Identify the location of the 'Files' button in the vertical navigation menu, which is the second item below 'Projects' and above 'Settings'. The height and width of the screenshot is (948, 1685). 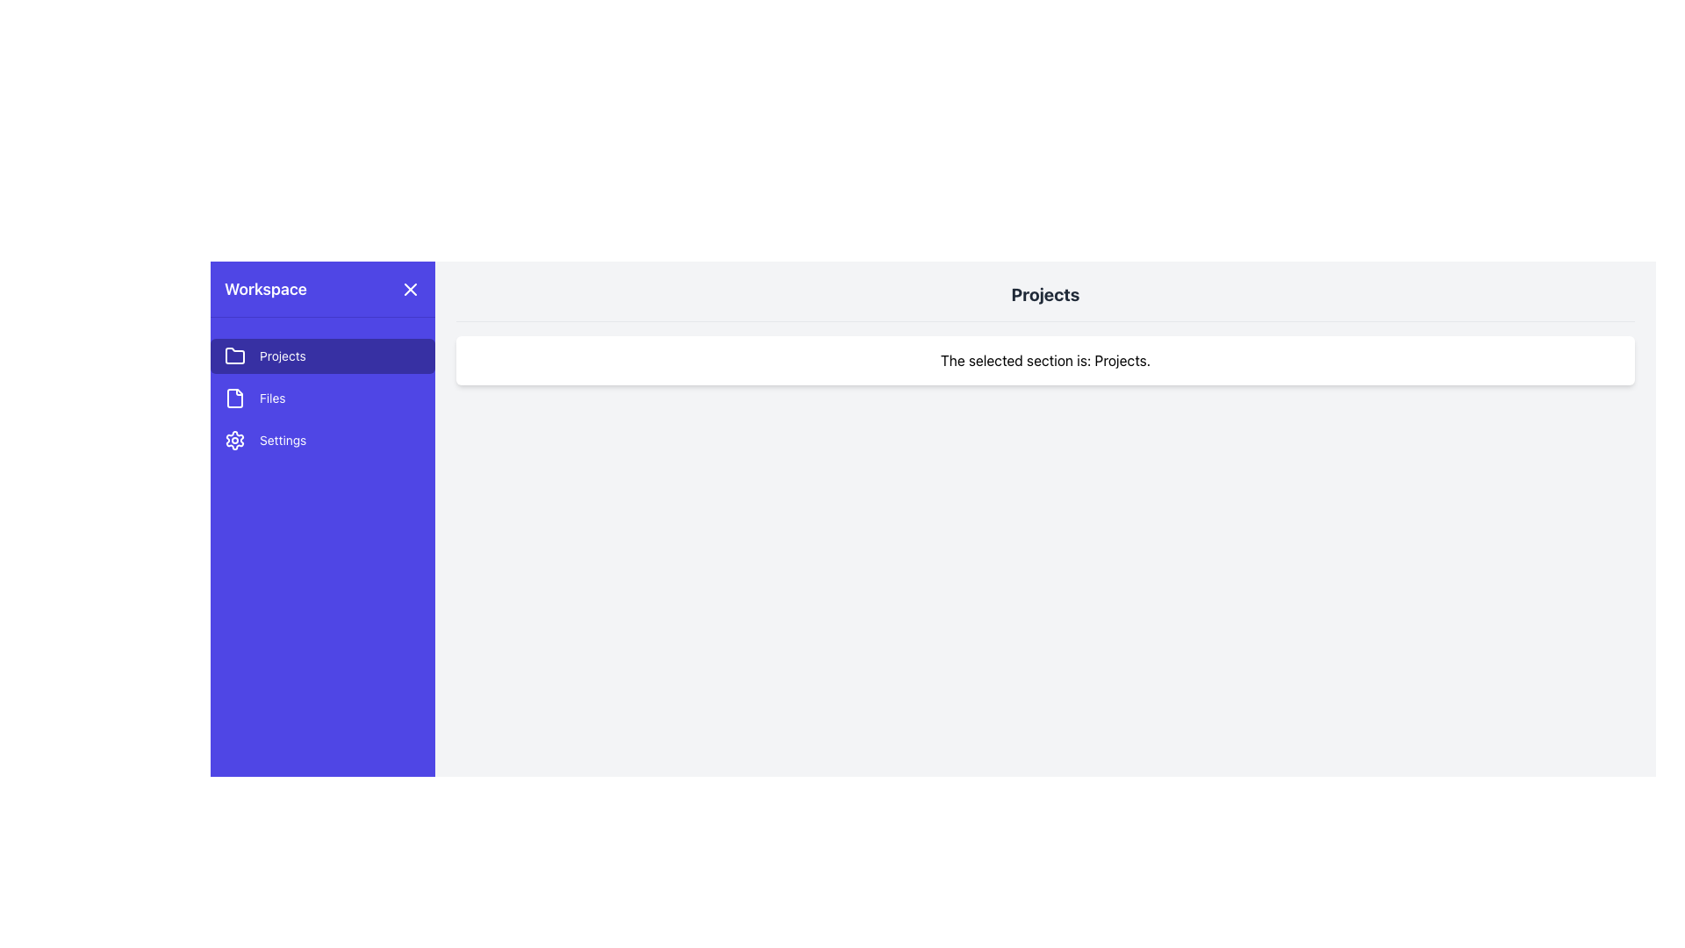
(323, 399).